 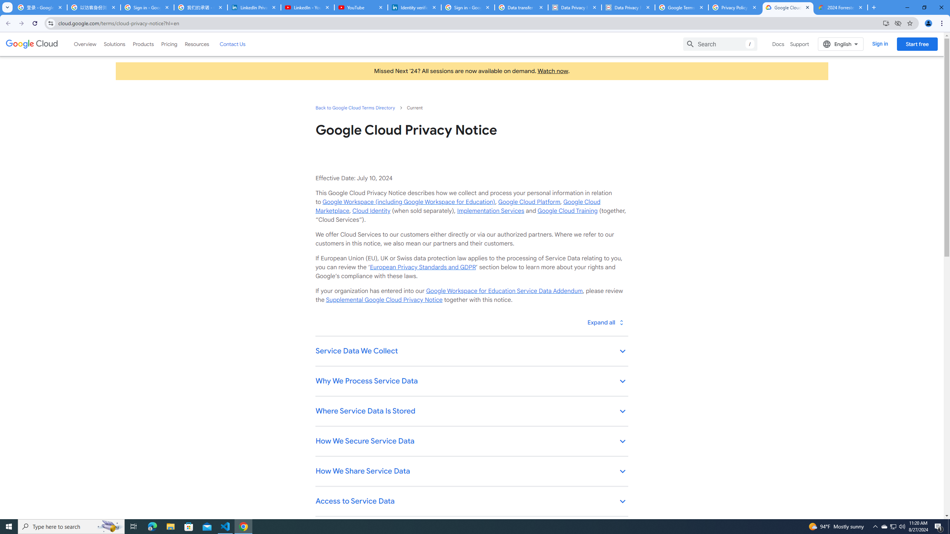 What do you see at coordinates (371, 210) in the screenshot?
I see `'Cloud Identity'` at bounding box center [371, 210].